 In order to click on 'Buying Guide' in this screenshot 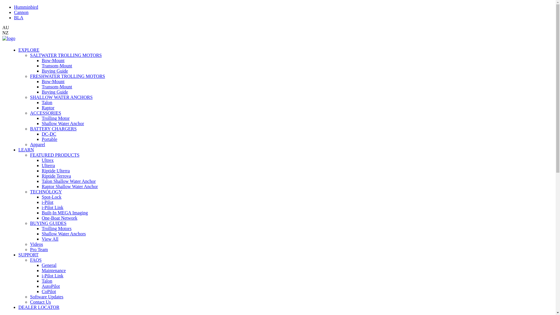, I will do `click(41, 71)`.